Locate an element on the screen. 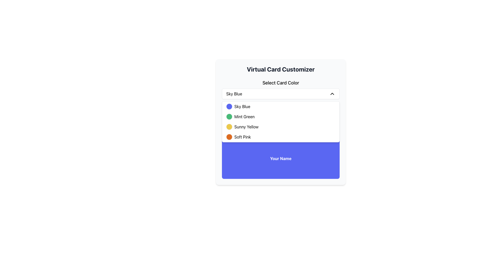  the color indicator located in the dropdown menu next to the 'Soft Pink' entry is located at coordinates (229, 137).